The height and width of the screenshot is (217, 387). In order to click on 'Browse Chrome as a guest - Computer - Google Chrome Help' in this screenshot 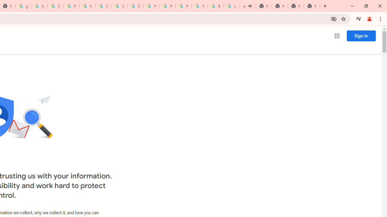, I will do `click(216, 6)`.